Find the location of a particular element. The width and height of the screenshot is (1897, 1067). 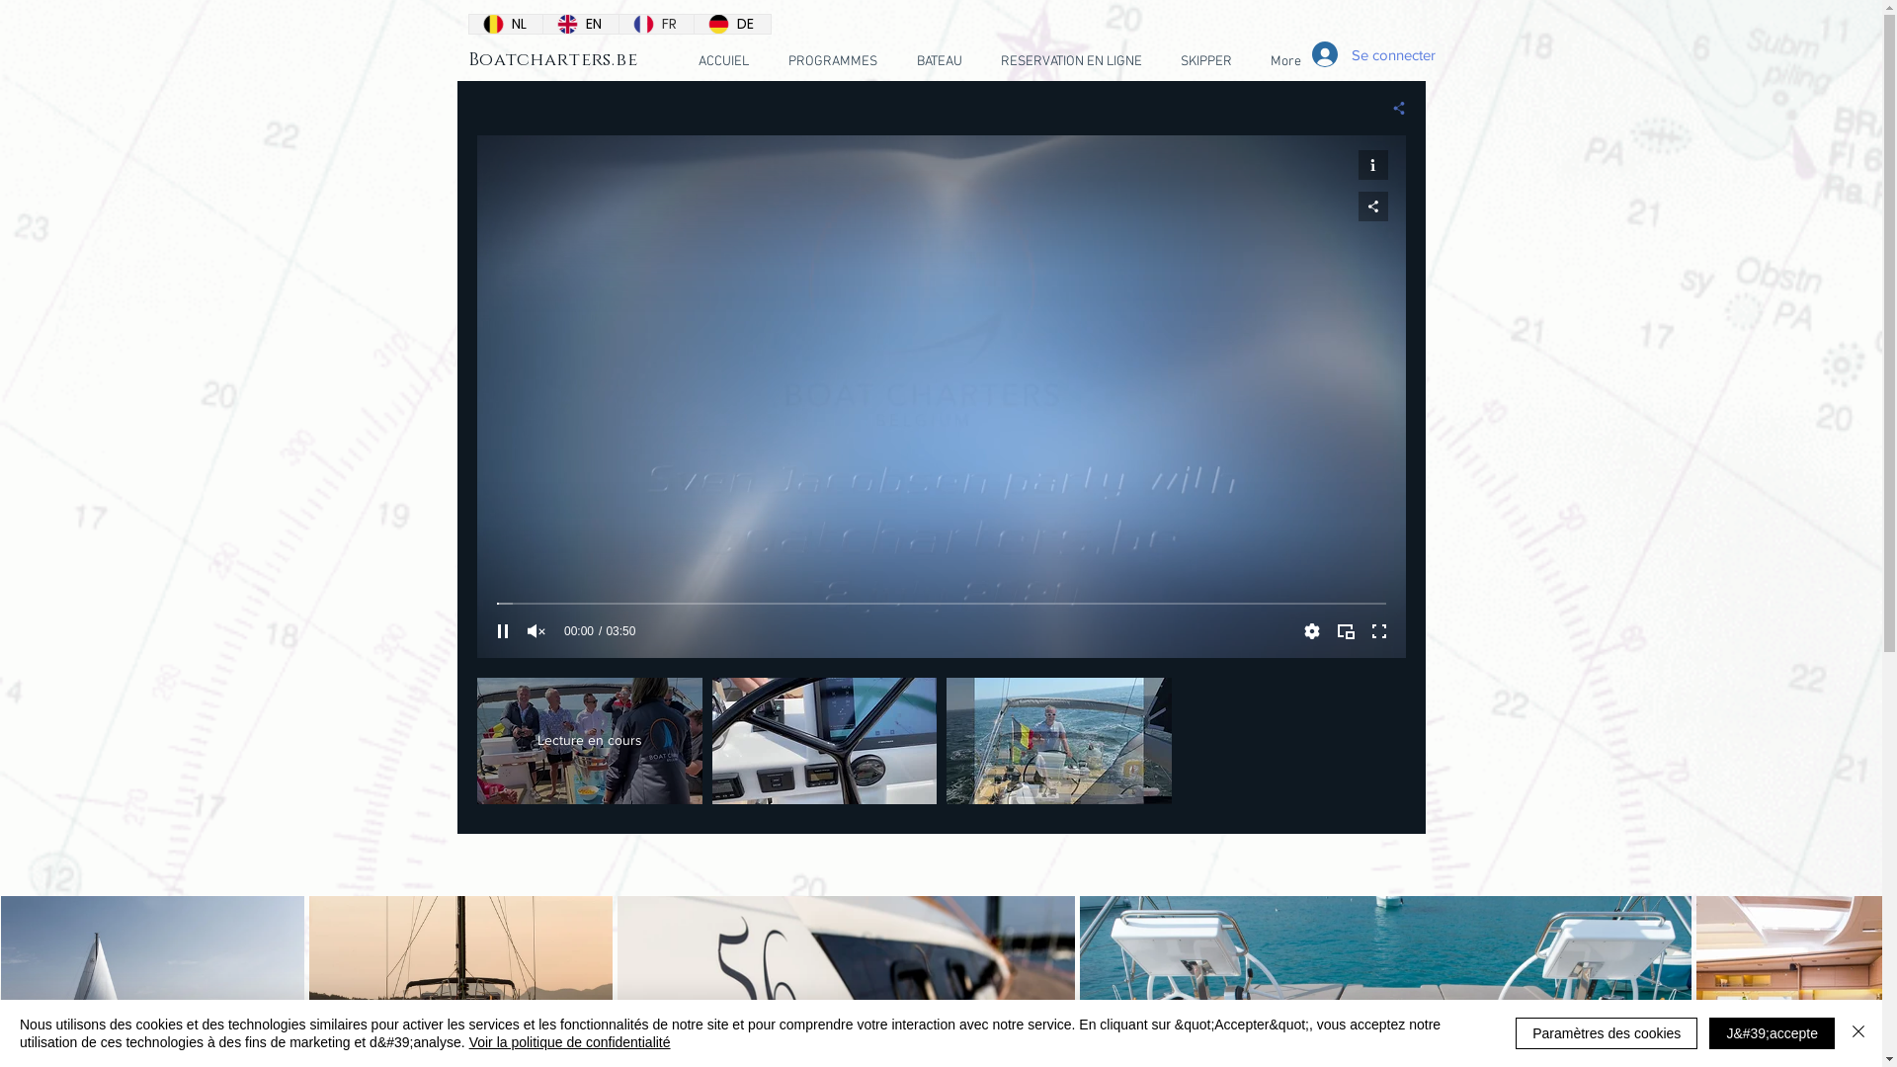

'Se connecter' is located at coordinates (1356, 52).